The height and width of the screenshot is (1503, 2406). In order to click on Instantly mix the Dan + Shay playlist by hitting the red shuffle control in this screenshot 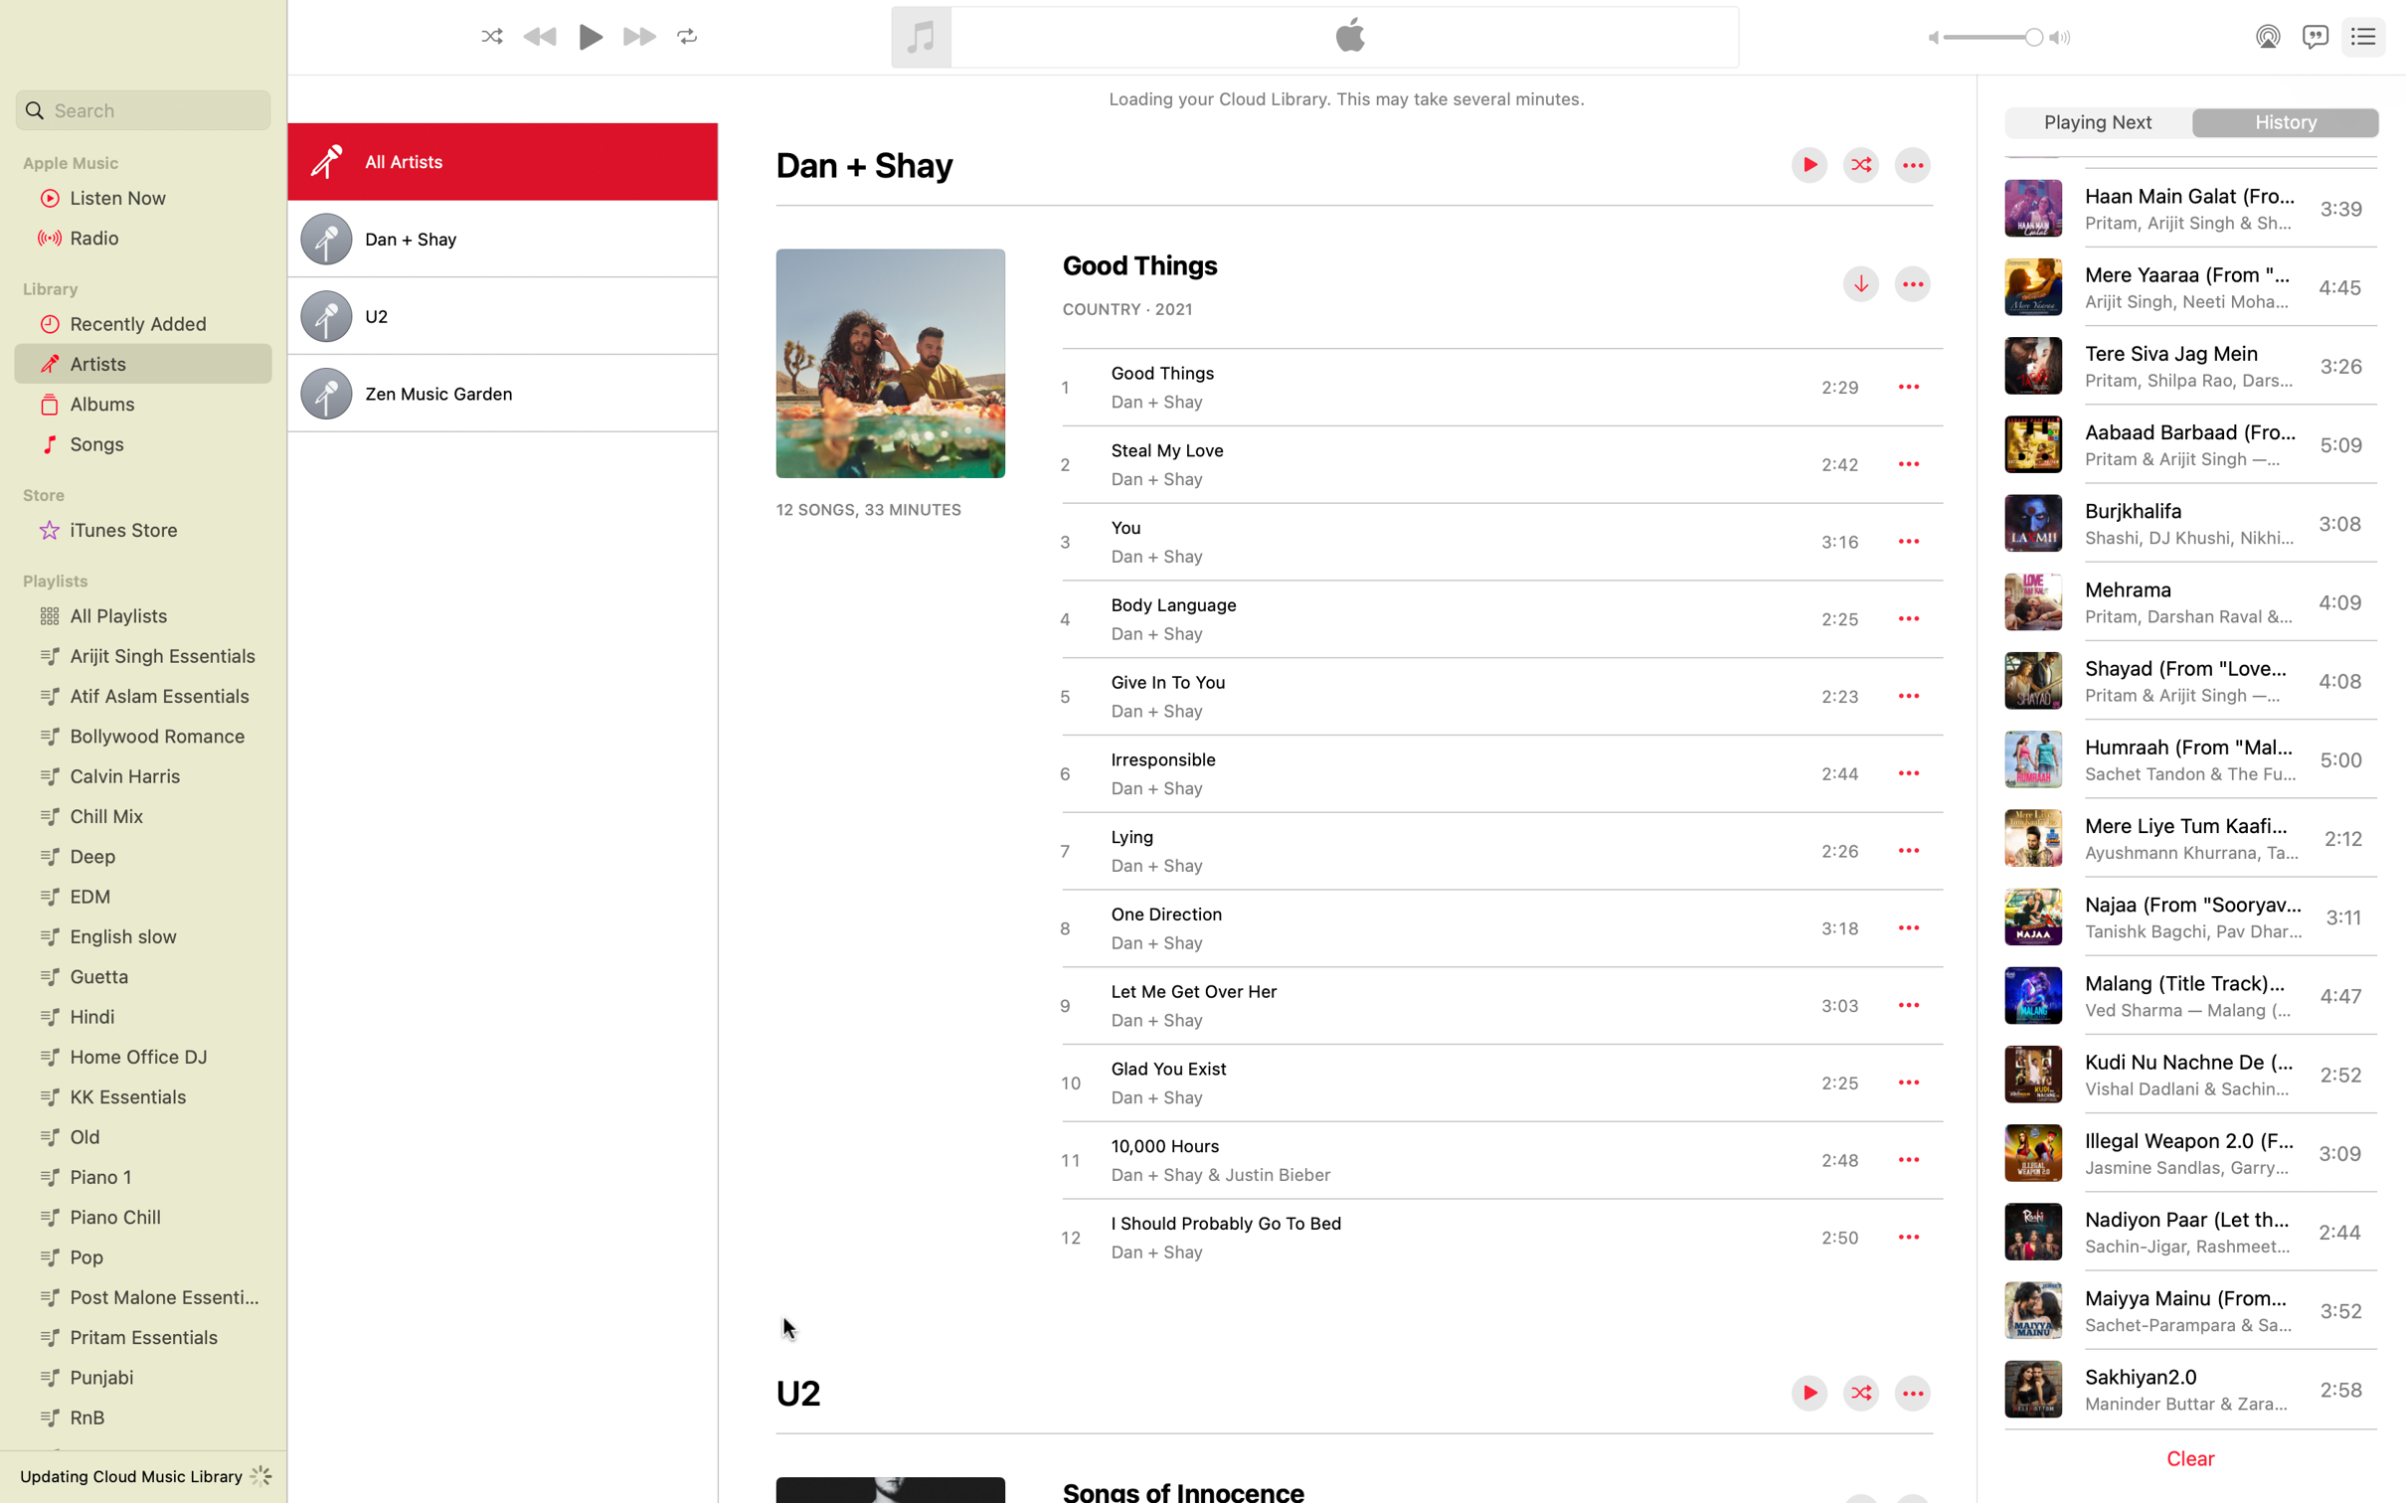, I will do `click(1861, 165)`.